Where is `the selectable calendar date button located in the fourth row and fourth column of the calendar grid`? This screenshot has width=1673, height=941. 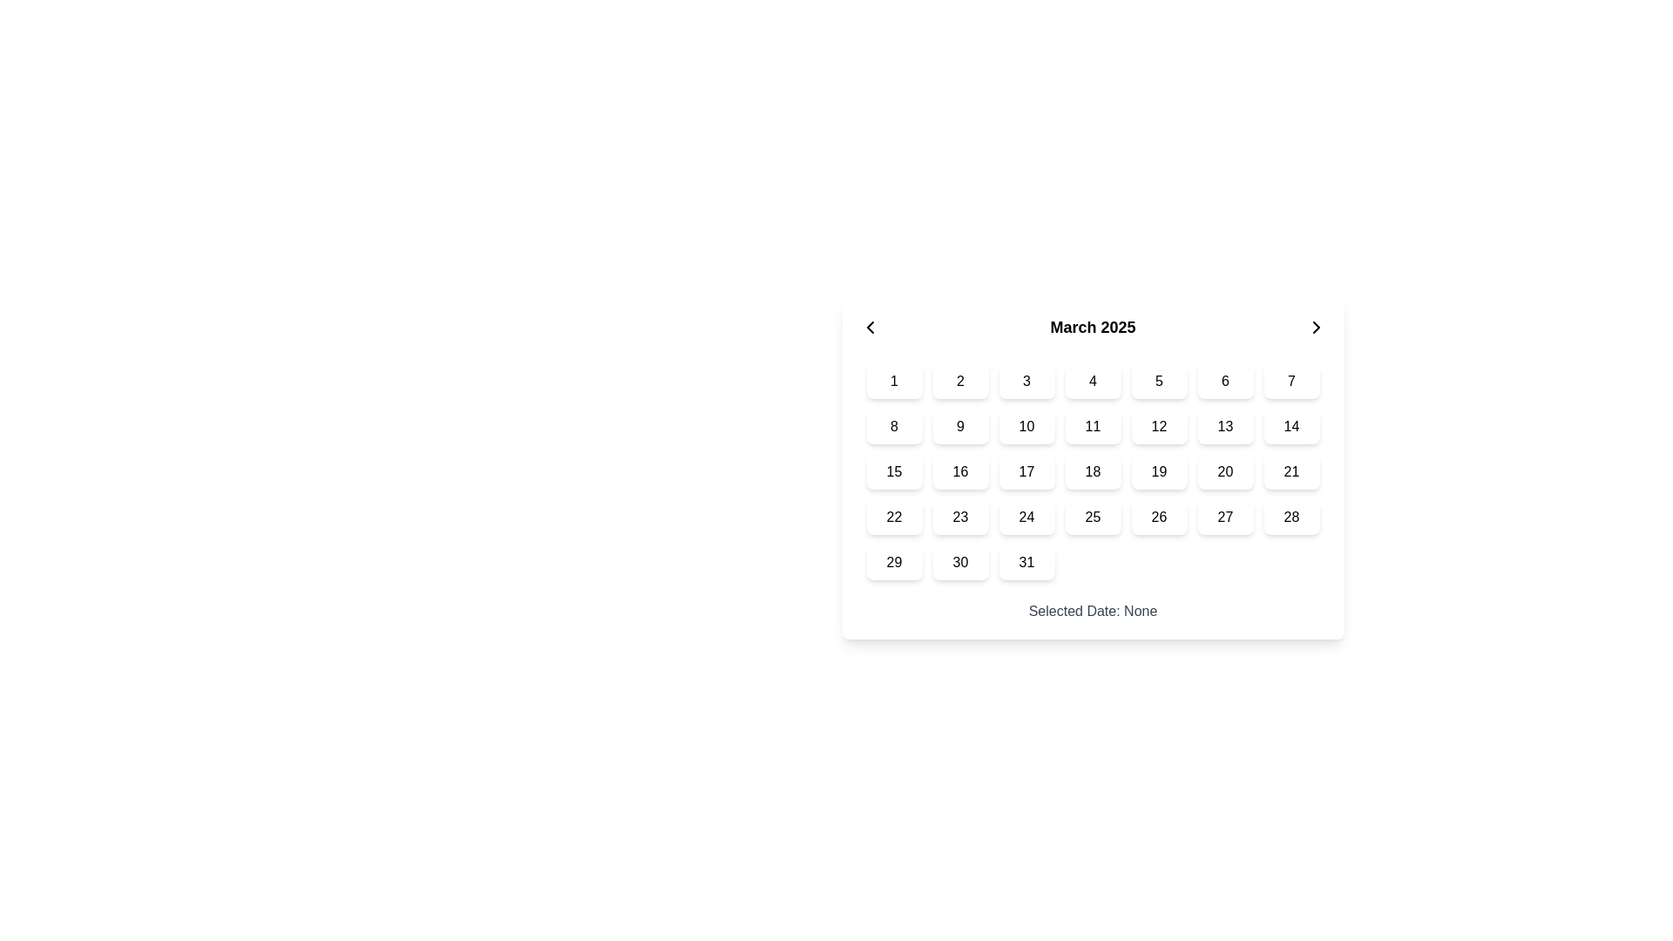 the selectable calendar date button located in the fourth row and fourth column of the calendar grid is located at coordinates (959, 517).